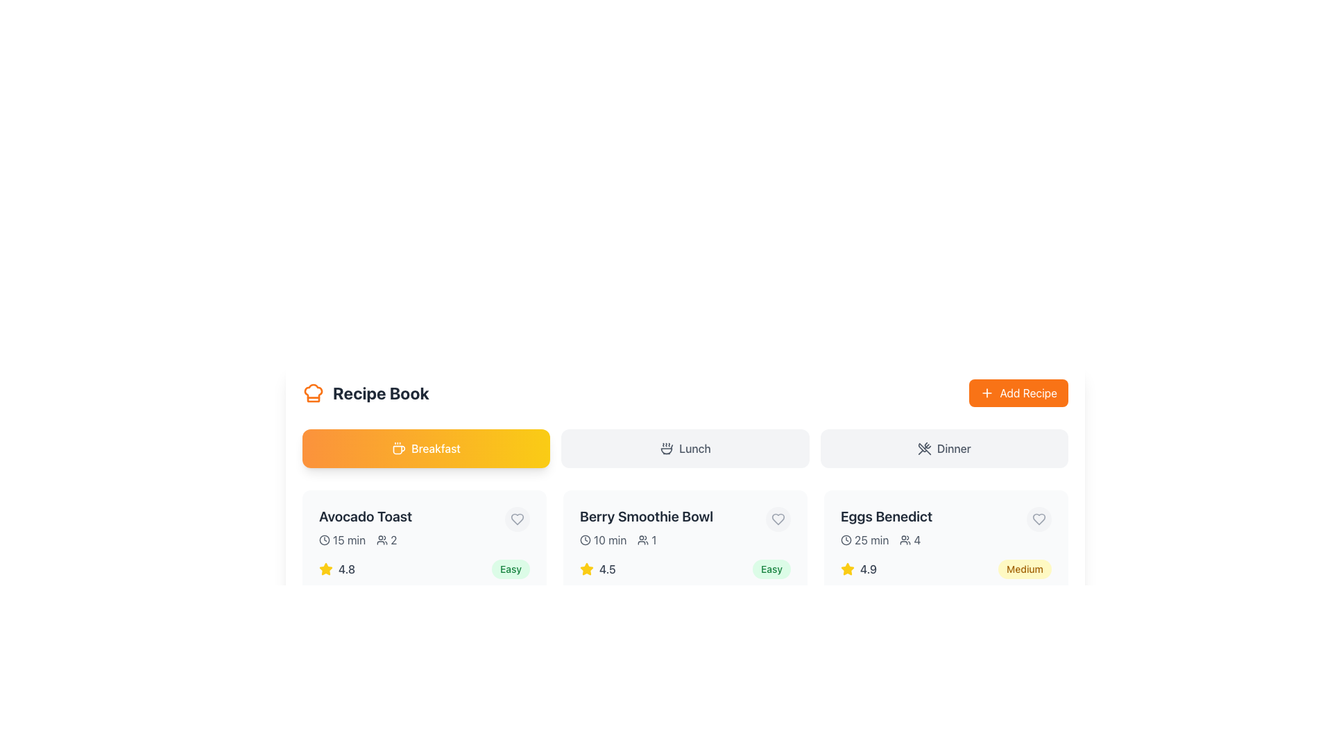 The height and width of the screenshot is (749, 1332). Describe the element at coordinates (845, 540) in the screenshot. I see `the circular outline element of the clock icon within the 'Eggs Benedict' recipe card` at that location.